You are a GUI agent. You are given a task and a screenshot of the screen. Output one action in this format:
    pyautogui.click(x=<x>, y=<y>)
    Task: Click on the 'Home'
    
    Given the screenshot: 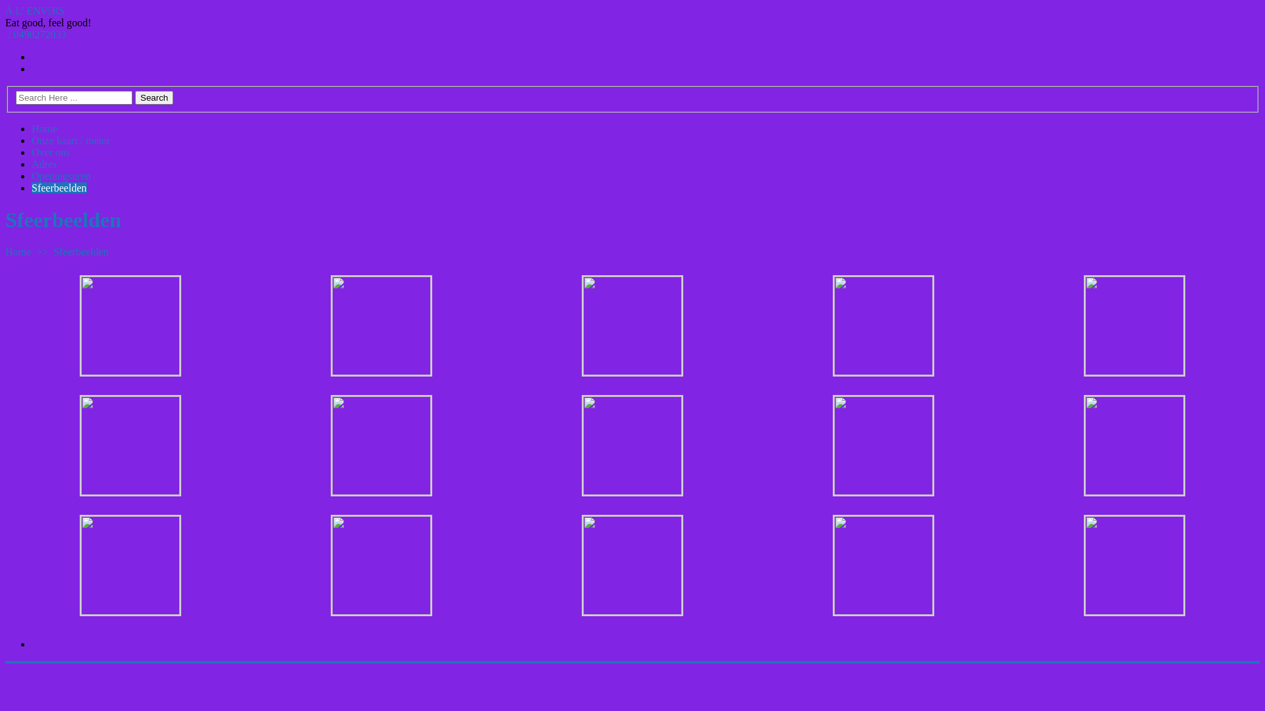 What is the action you would take?
    pyautogui.click(x=32, y=128)
    